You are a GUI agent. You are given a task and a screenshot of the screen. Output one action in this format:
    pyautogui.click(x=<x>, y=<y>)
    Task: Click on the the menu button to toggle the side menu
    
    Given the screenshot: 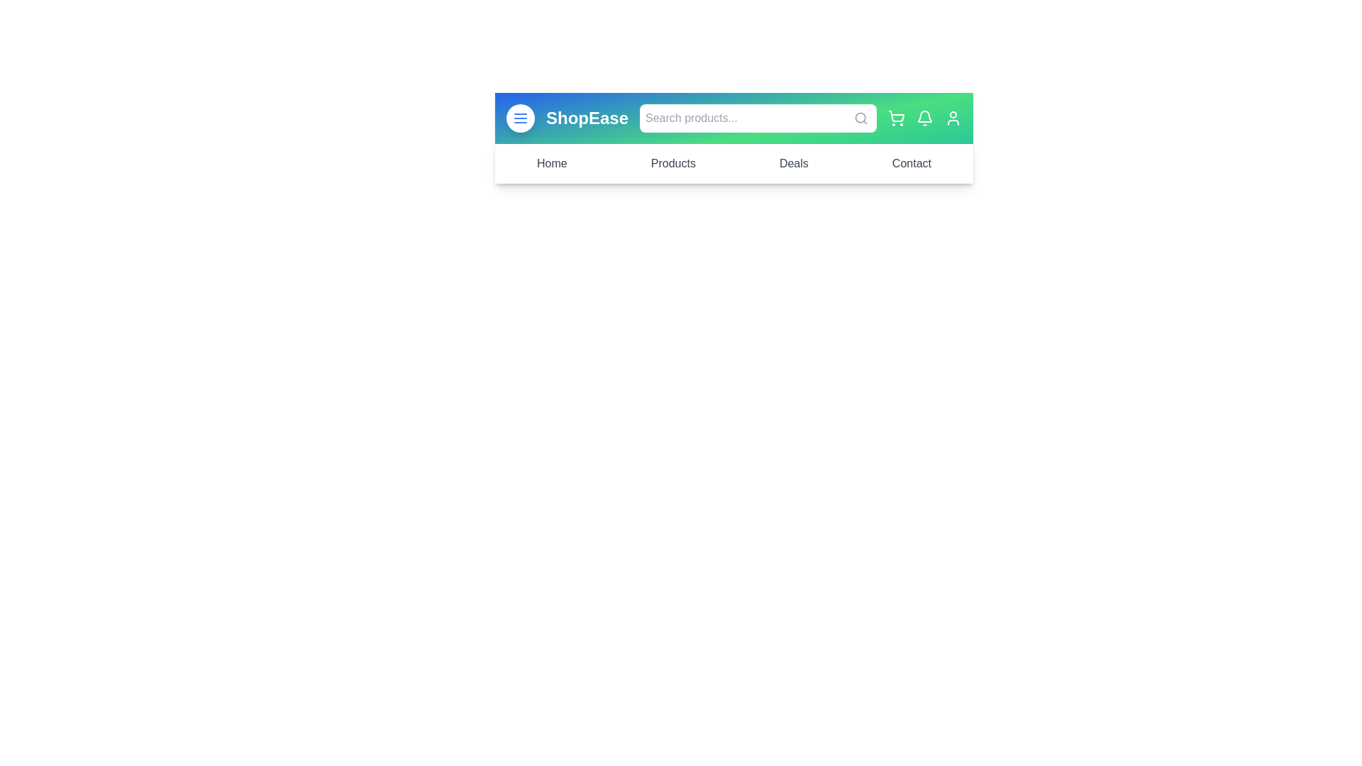 What is the action you would take?
    pyautogui.click(x=520, y=117)
    